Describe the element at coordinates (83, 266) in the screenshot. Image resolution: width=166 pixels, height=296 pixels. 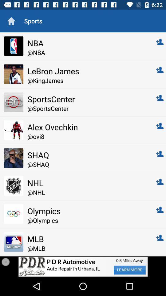
I see `the item below the @mlb` at that location.